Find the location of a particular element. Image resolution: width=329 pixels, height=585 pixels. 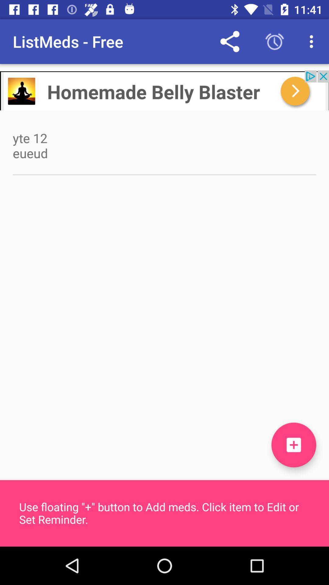

open advertisement is located at coordinates (164, 90).